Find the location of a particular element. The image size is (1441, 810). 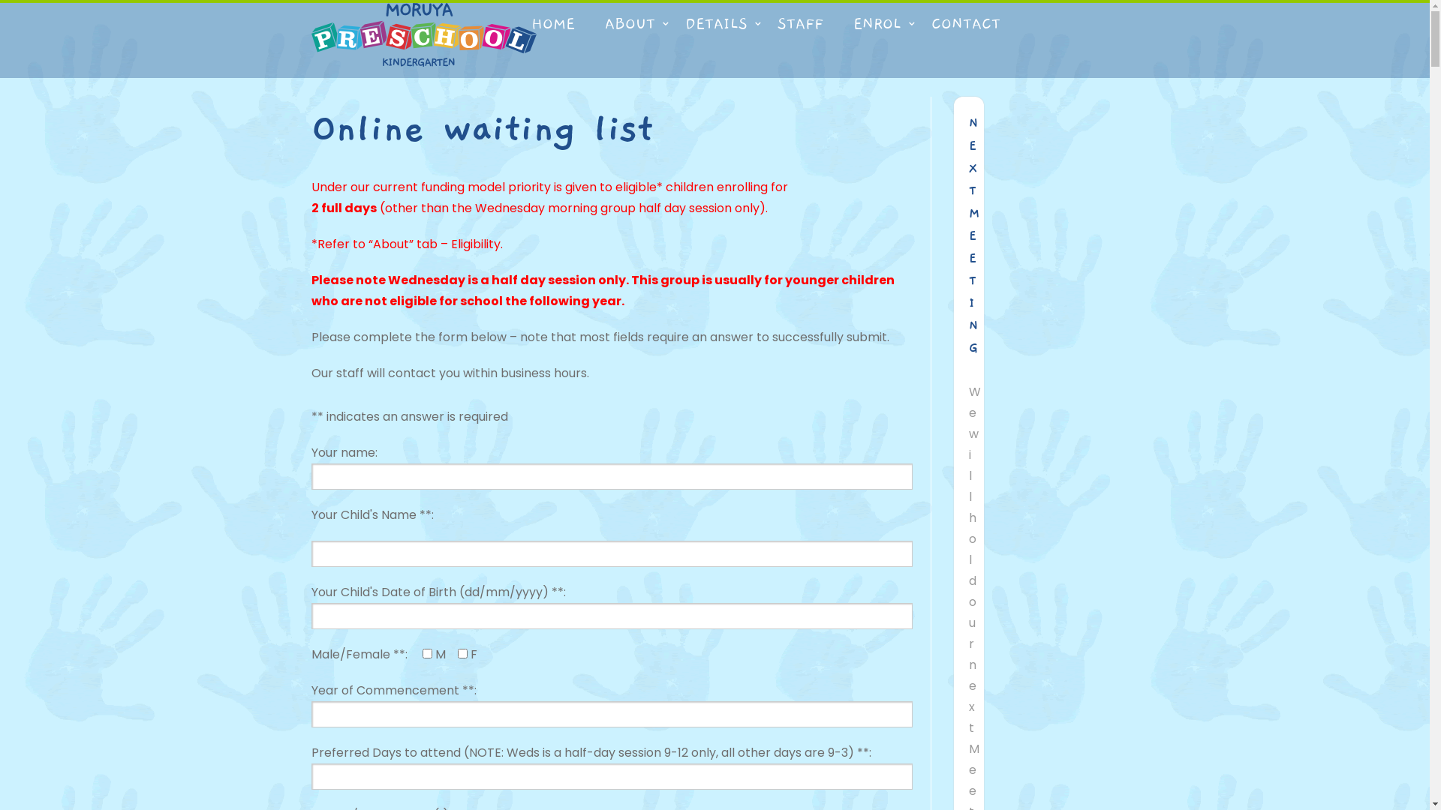

'CONTACT' is located at coordinates (965, 23).